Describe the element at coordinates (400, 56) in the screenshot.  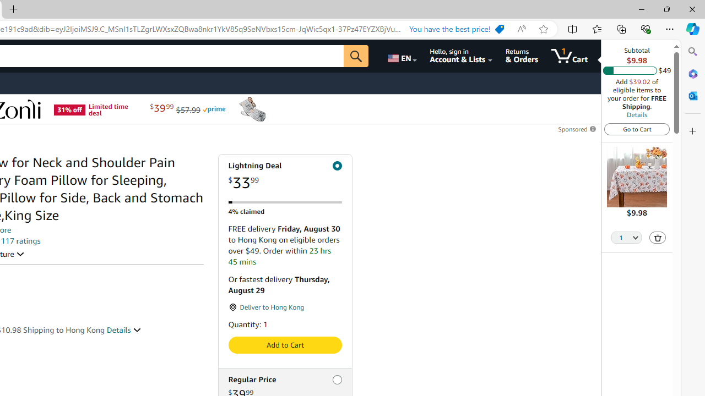
I see `'Choose a language for shopping.'` at that location.